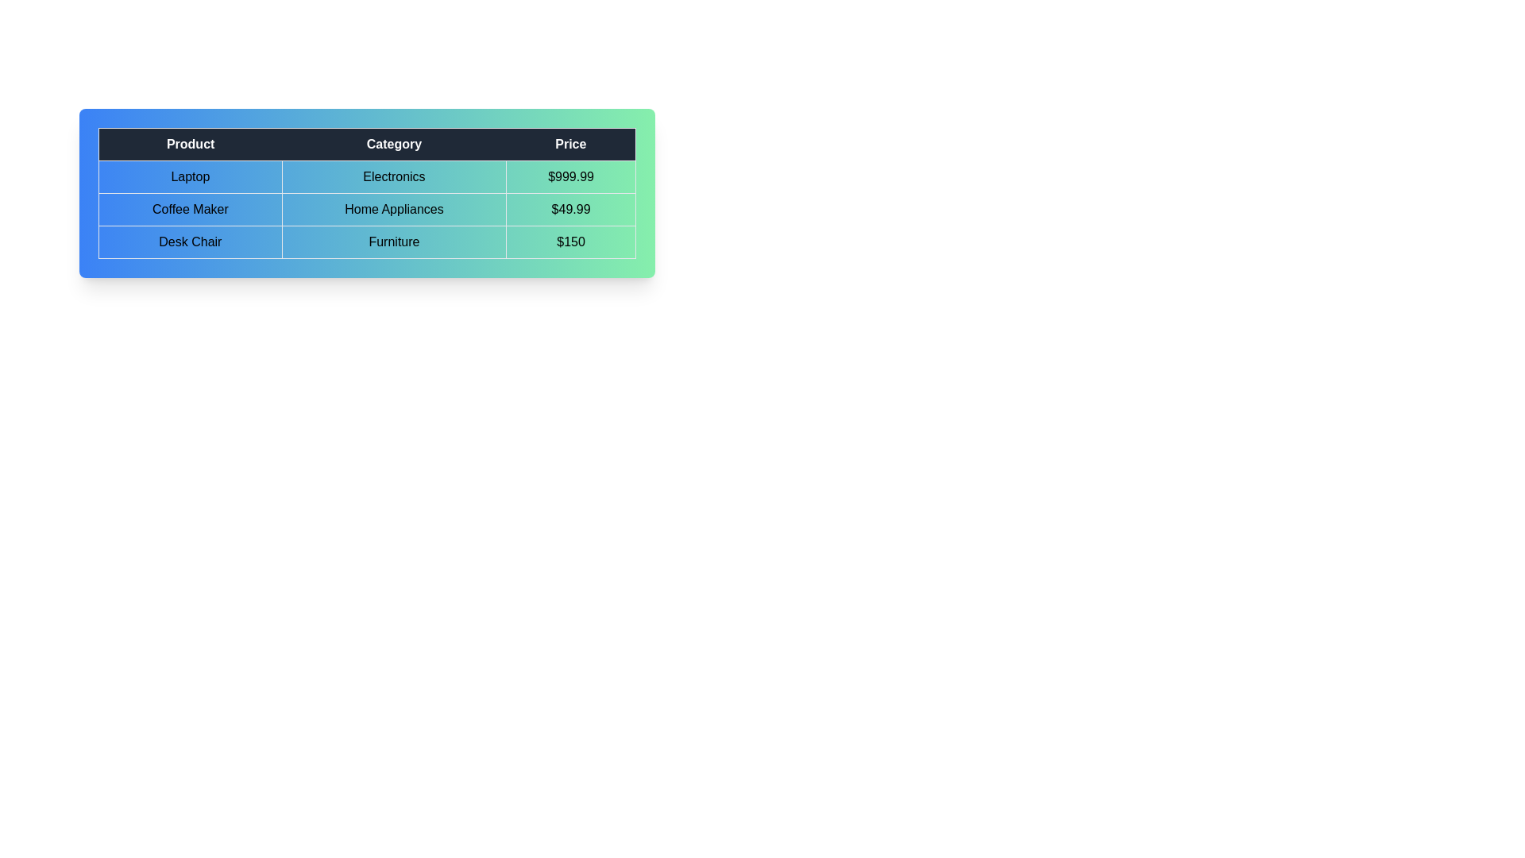 Image resolution: width=1525 pixels, height=858 pixels. Describe the element at coordinates (394, 144) in the screenshot. I see `the Text Label element with the text 'Category', which is located in the second column of the header structure` at that location.